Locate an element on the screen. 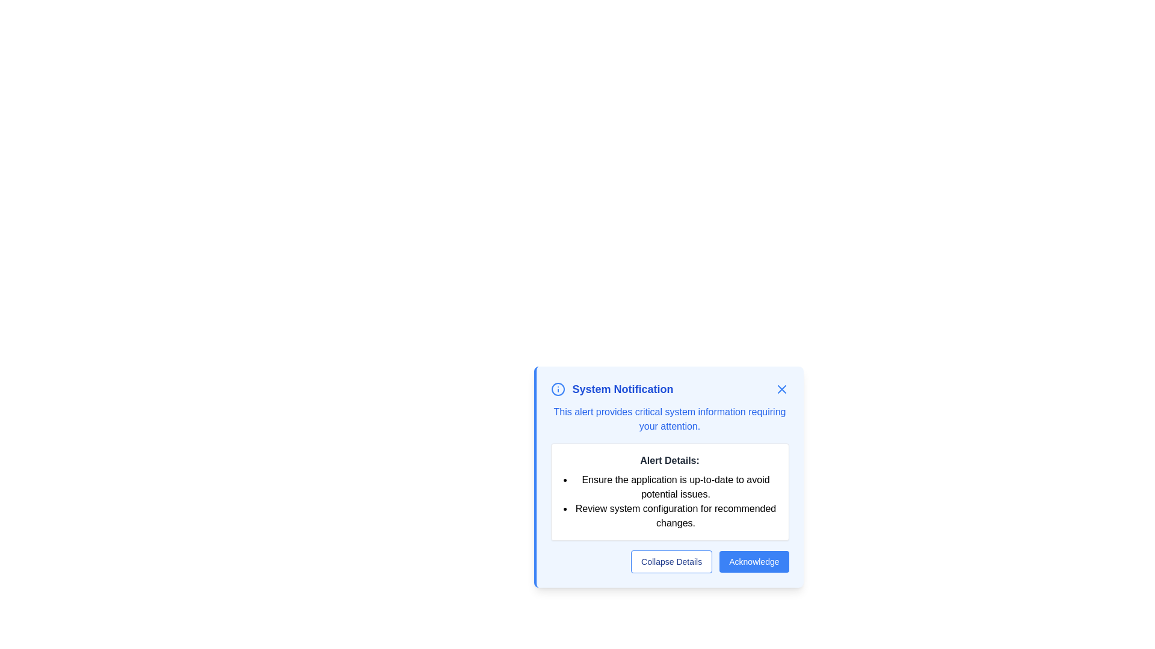 The height and width of the screenshot is (649, 1155). the 'System Notification' text label, which is styled in blue color and bold font, located at the upper part of a modal dialog box, accompanied by an informational icon on the left is located at coordinates (612, 389).